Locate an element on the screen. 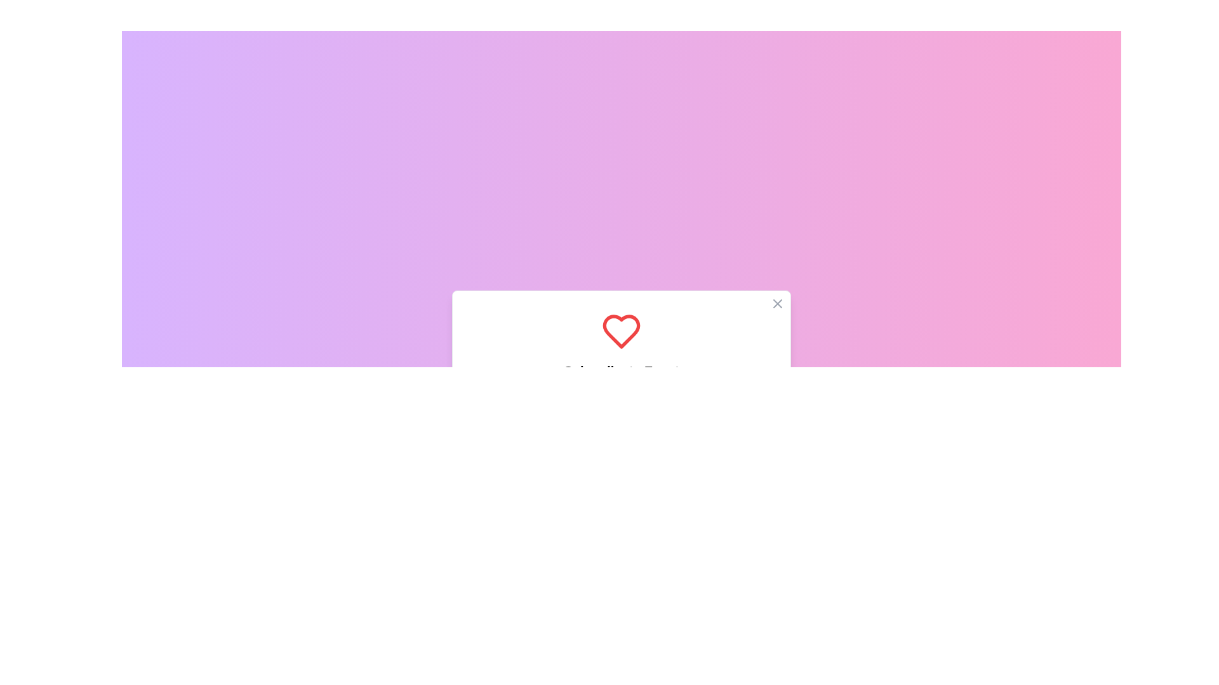 The width and height of the screenshot is (1219, 685). the close button located in the top-right corner of the modal dialog to change its color is located at coordinates (777, 303).